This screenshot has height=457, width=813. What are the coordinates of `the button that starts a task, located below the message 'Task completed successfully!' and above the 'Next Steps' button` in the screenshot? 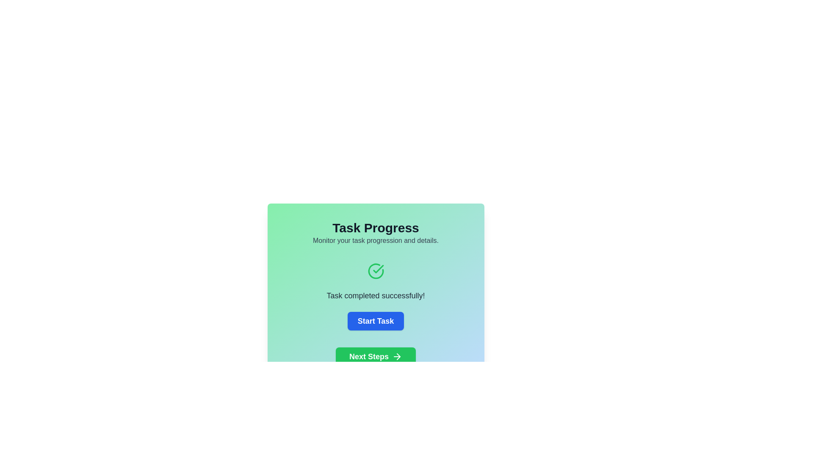 It's located at (375, 321).